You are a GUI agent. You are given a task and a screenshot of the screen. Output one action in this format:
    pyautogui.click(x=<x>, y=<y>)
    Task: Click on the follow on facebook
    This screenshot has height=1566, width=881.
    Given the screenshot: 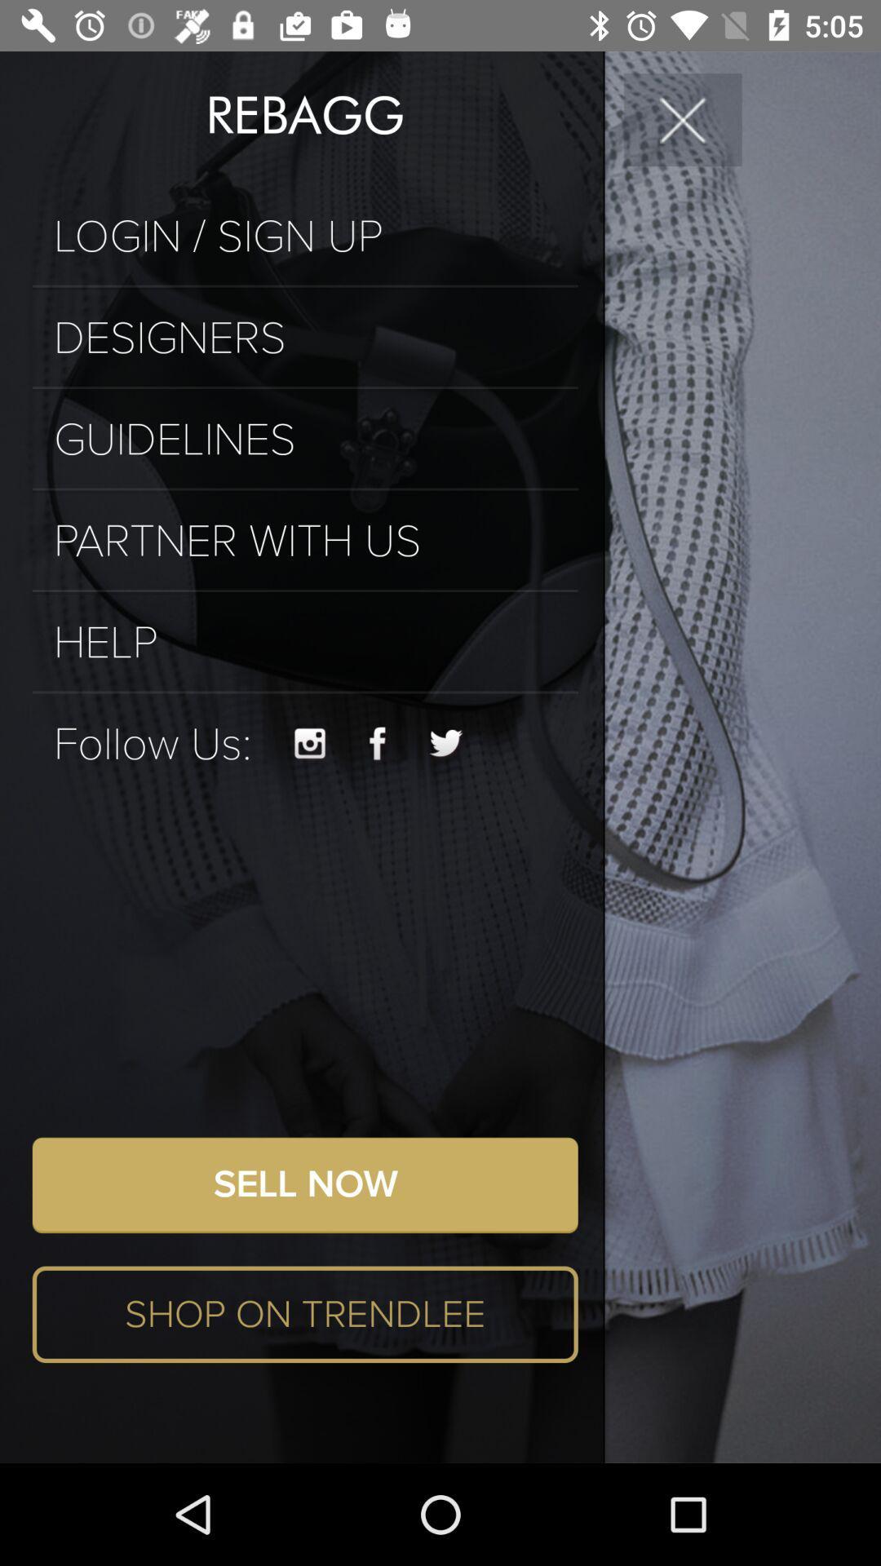 What is the action you would take?
    pyautogui.click(x=378, y=743)
    